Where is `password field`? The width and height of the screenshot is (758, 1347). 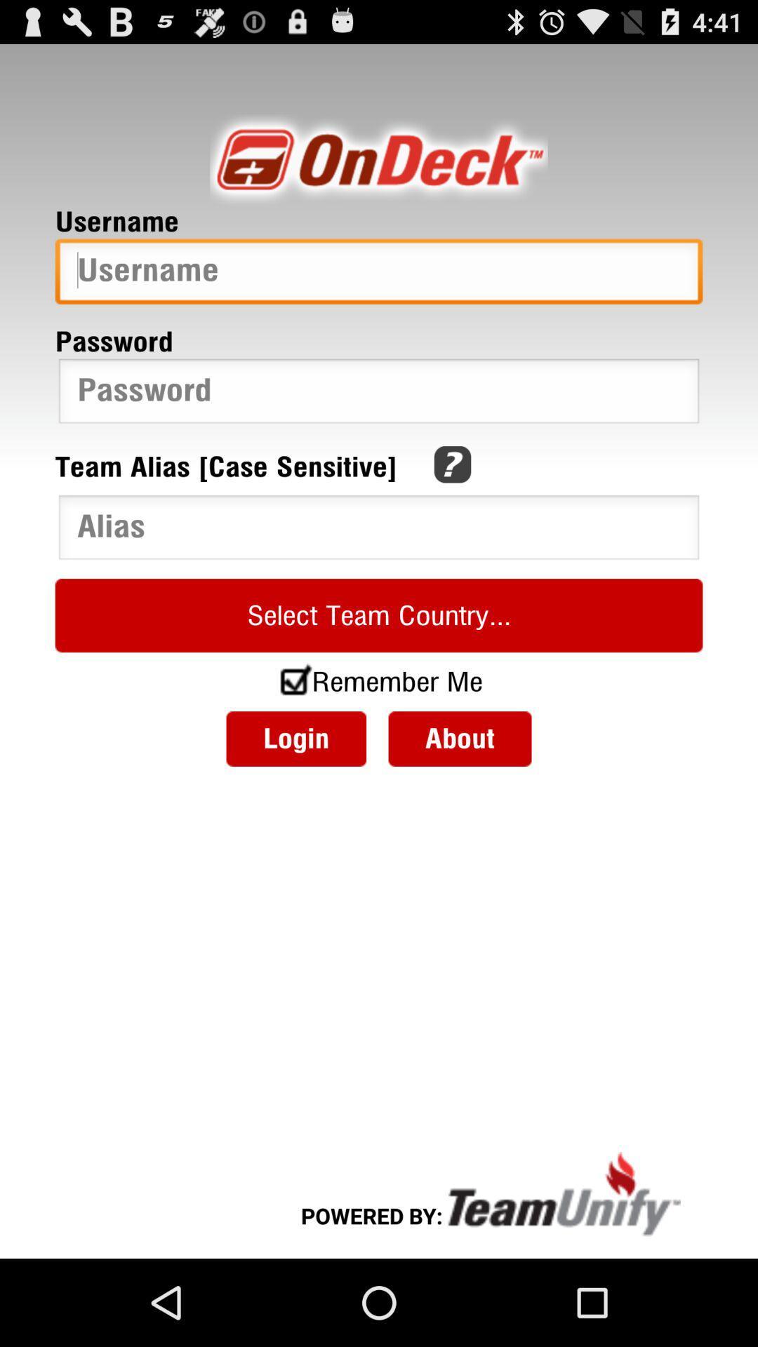
password field is located at coordinates (379, 394).